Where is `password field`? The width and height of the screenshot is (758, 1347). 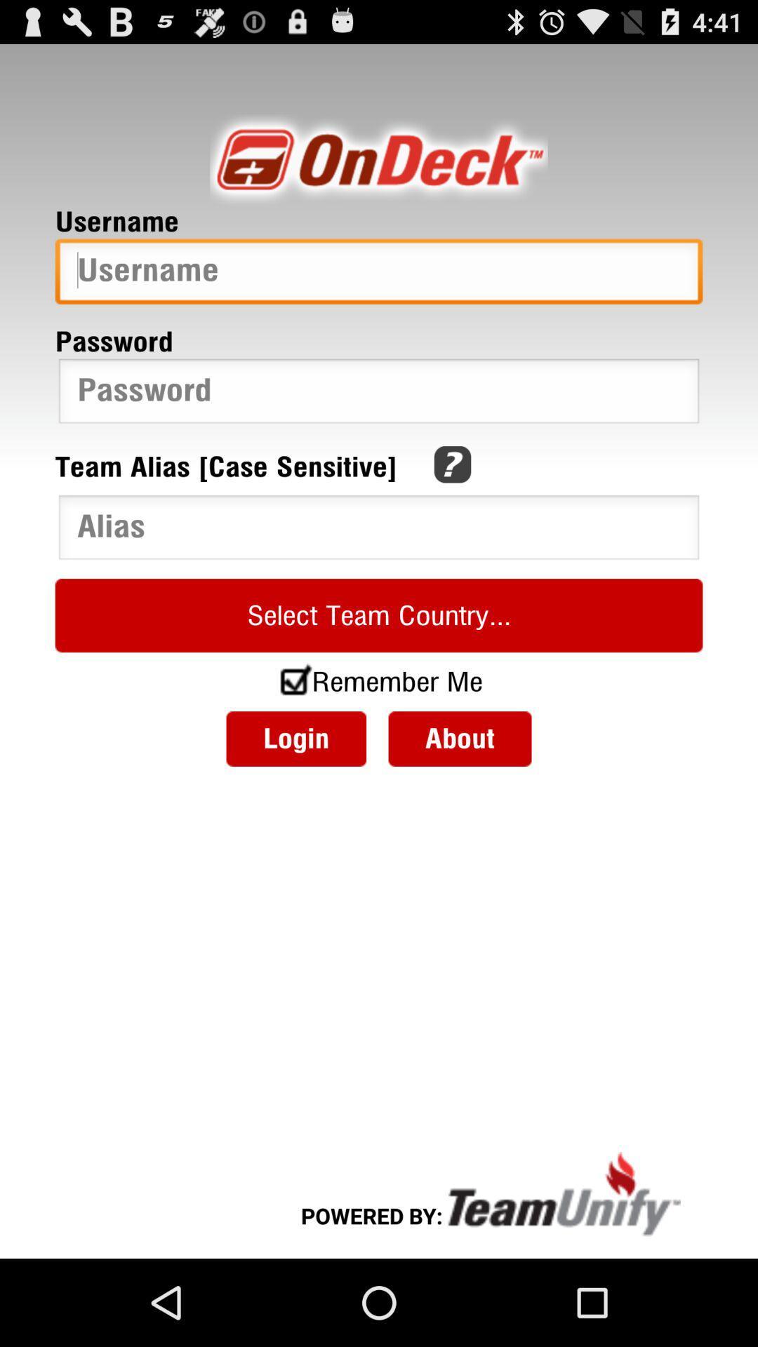
password field is located at coordinates (379, 394).